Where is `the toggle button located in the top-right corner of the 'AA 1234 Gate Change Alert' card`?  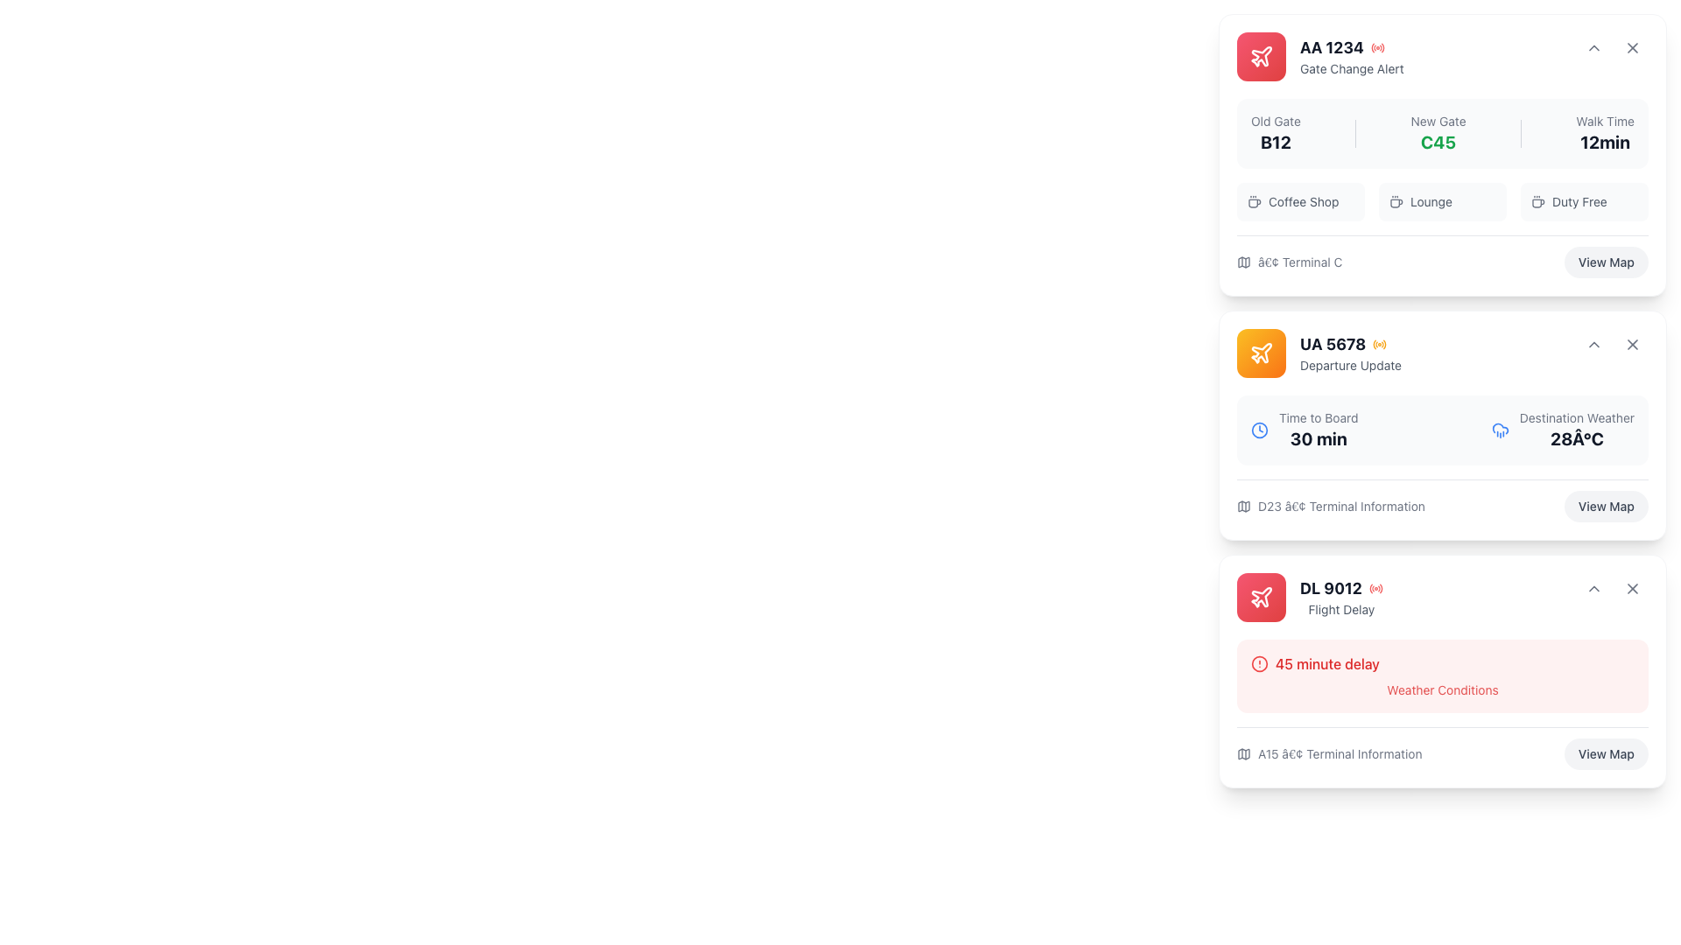 the toggle button located in the top-right corner of the 'AA 1234 Gate Change Alert' card is located at coordinates (1593, 46).